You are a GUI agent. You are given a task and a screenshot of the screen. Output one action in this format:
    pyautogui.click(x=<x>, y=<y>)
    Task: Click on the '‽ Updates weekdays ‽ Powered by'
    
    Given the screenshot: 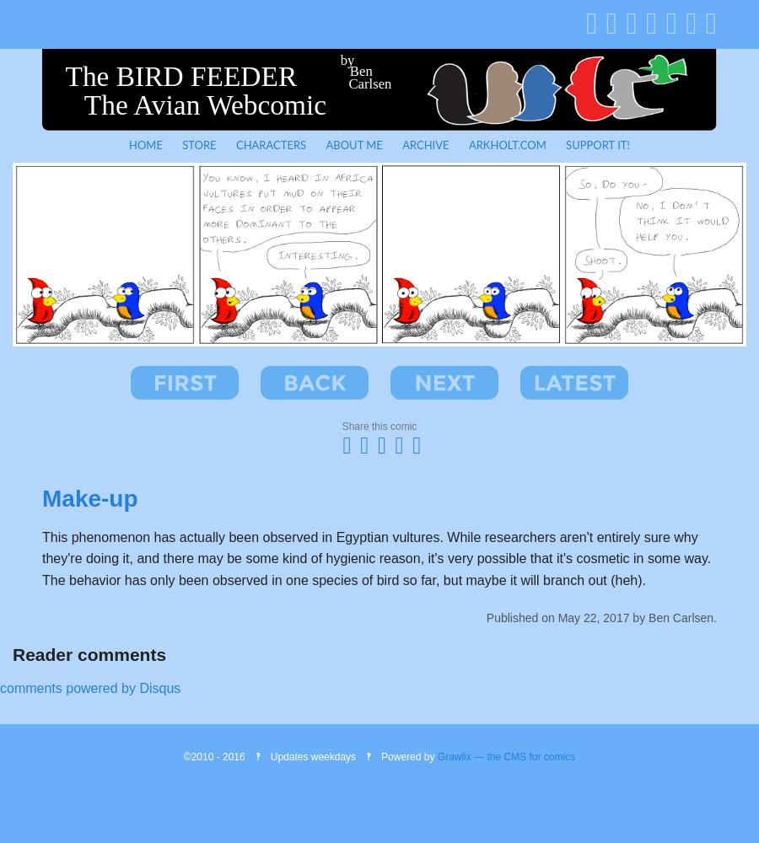 What is the action you would take?
    pyautogui.click(x=341, y=757)
    